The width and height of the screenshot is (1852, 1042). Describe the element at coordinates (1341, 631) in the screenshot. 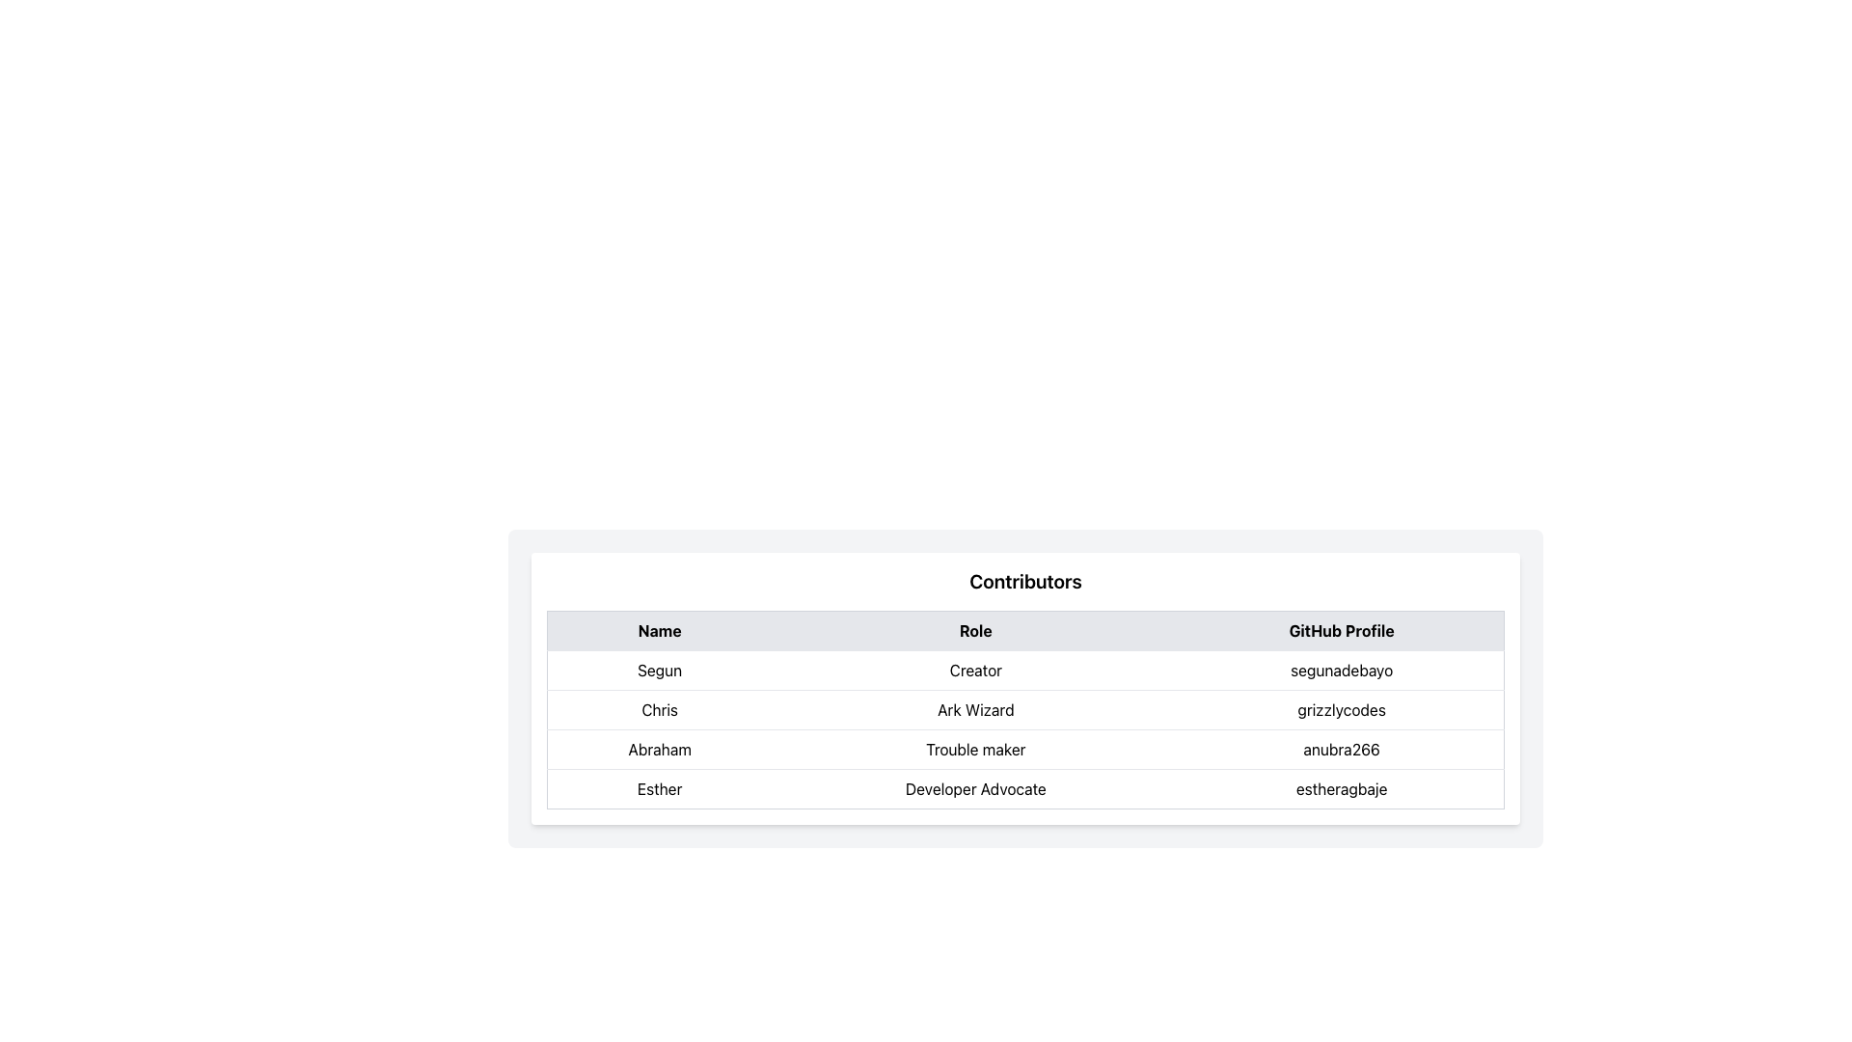

I see `the Table Header Cell displaying 'GitHub Profile', which is styled with padding and has a gray background, located at the far right of the header row of a table` at that location.